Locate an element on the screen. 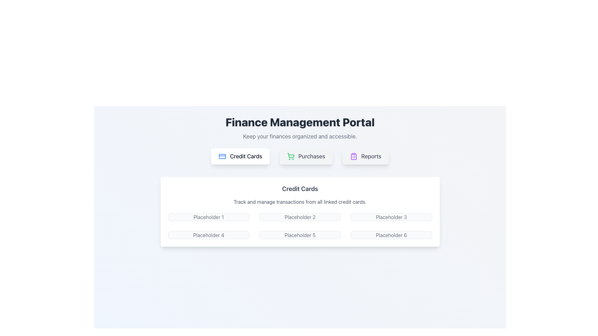  the text label displaying 'Placeholder 3' which is located at the rightmost position in the top row of a grid layout beneath the 'Credit Cards' section is located at coordinates (391, 217).